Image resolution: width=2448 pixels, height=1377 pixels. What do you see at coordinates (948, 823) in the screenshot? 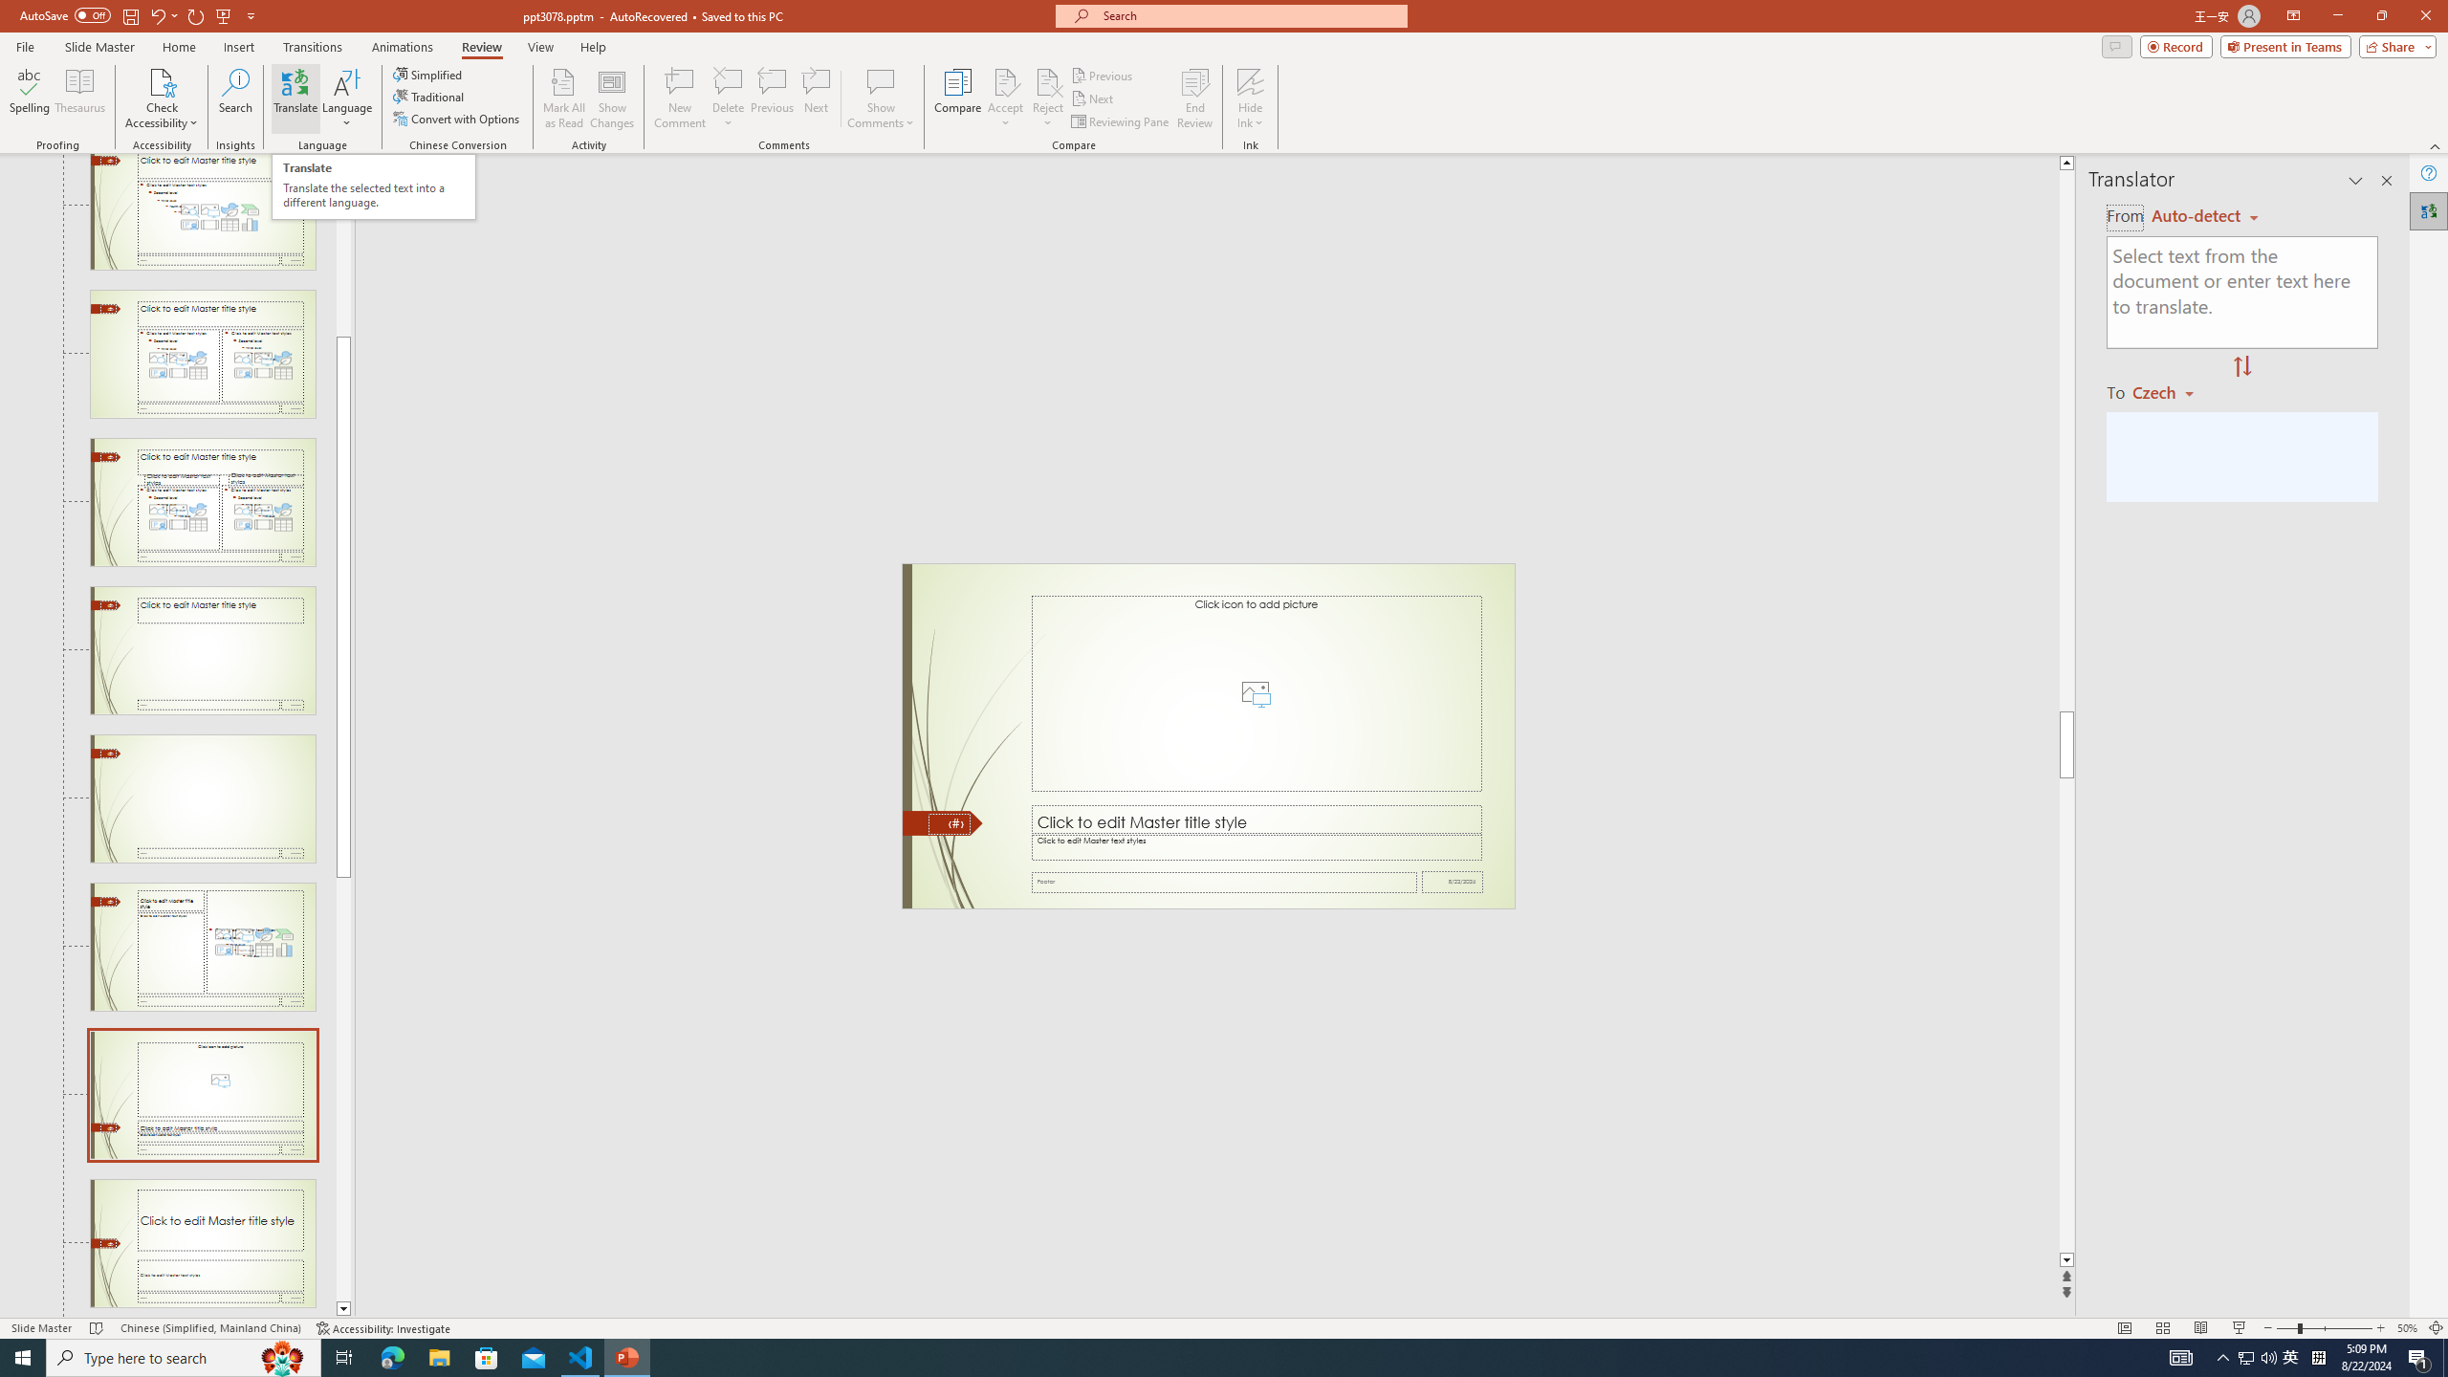
I see `'Slide Number'` at bounding box center [948, 823].